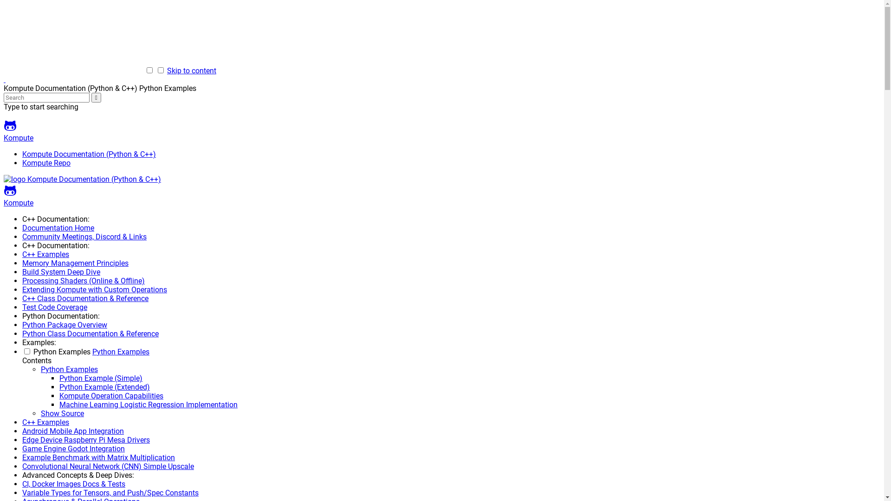 This screenshot has width=891, height=501. Describe the element at coordinates (94, 289) in the screenshot. I see `'Extending Kompute with Custom Operations'` at that location.